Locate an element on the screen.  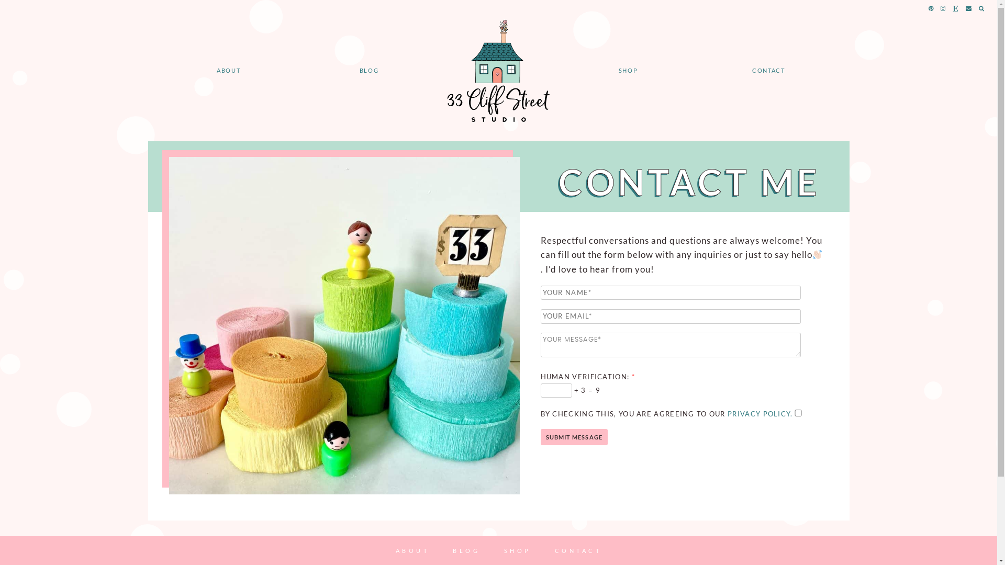
'CONTACT' is located at coordinates (768, 70).